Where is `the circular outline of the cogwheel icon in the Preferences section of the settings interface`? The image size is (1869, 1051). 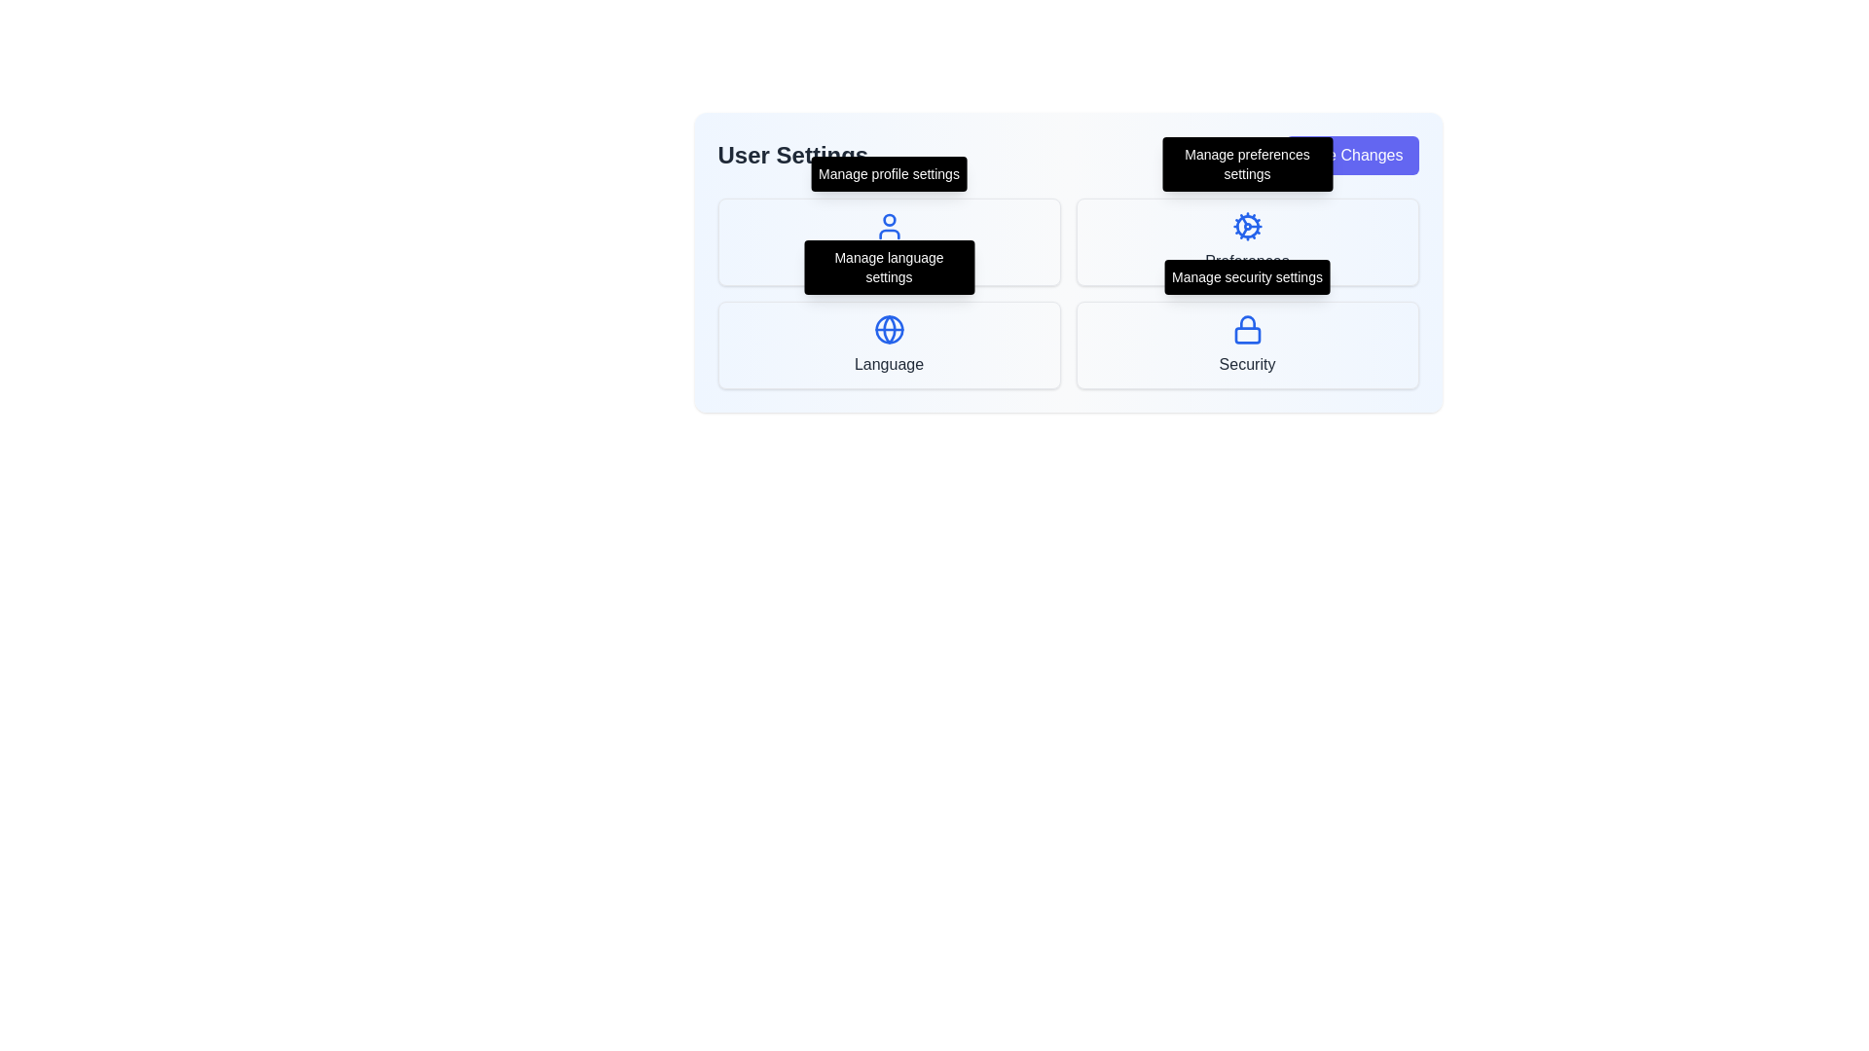 the circular outline of the cogwheel icon in the Preferences section of the settings interface is located at coordinates (1247, 225).